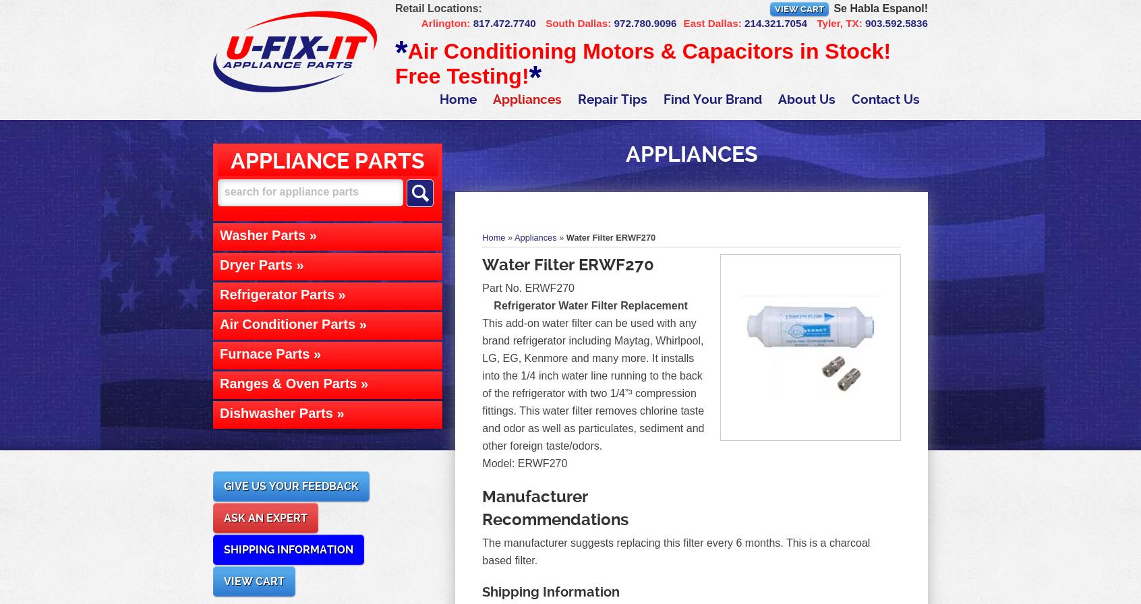  Describe the element at coordinates (675, 551) in the screenshot. I see `'The manufacturer suggests replacing this filter every 6 months. This is a charcoal based filter.'` at that location.